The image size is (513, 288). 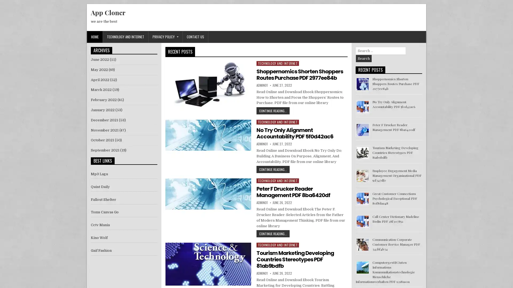 I want to click on Search, so click(x=363, y=58).